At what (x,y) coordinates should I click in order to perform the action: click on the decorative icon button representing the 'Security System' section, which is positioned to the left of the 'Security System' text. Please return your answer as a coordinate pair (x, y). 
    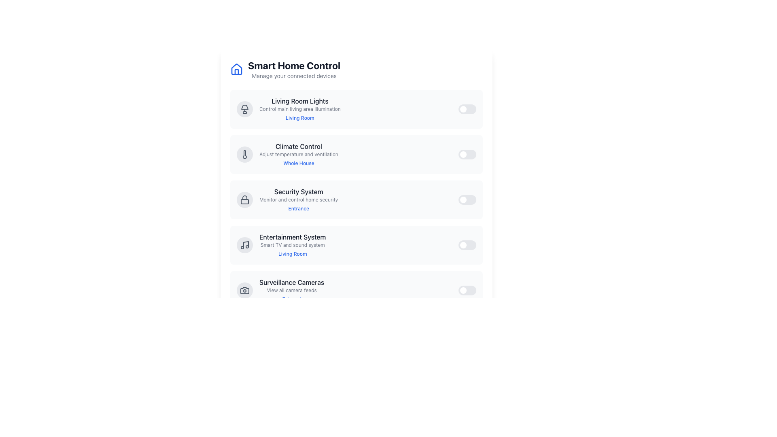
    Looking at the image, I should click on (244, 199).